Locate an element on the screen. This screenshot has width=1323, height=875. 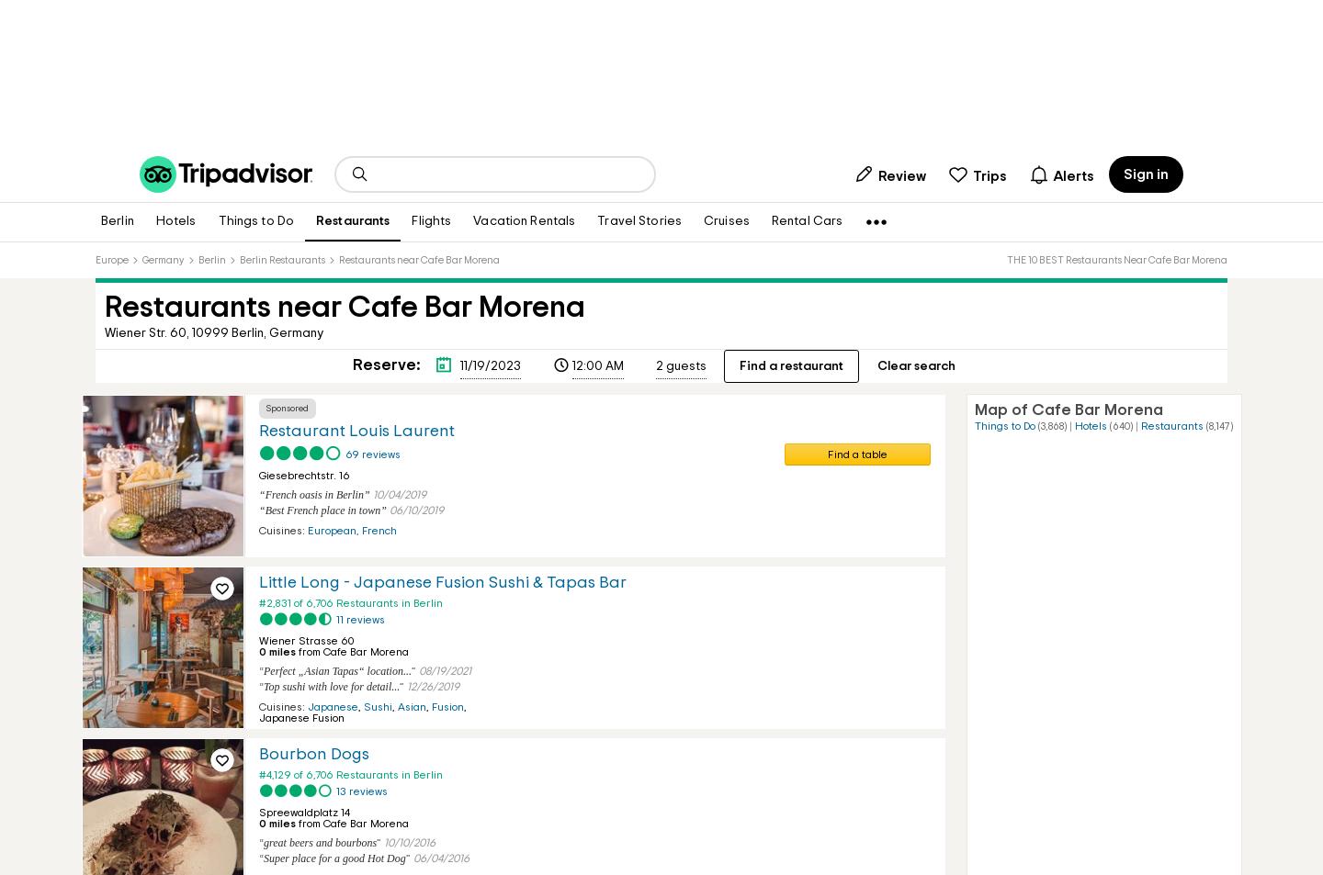
'Travel Stories' is located at coordinates (639, 220).